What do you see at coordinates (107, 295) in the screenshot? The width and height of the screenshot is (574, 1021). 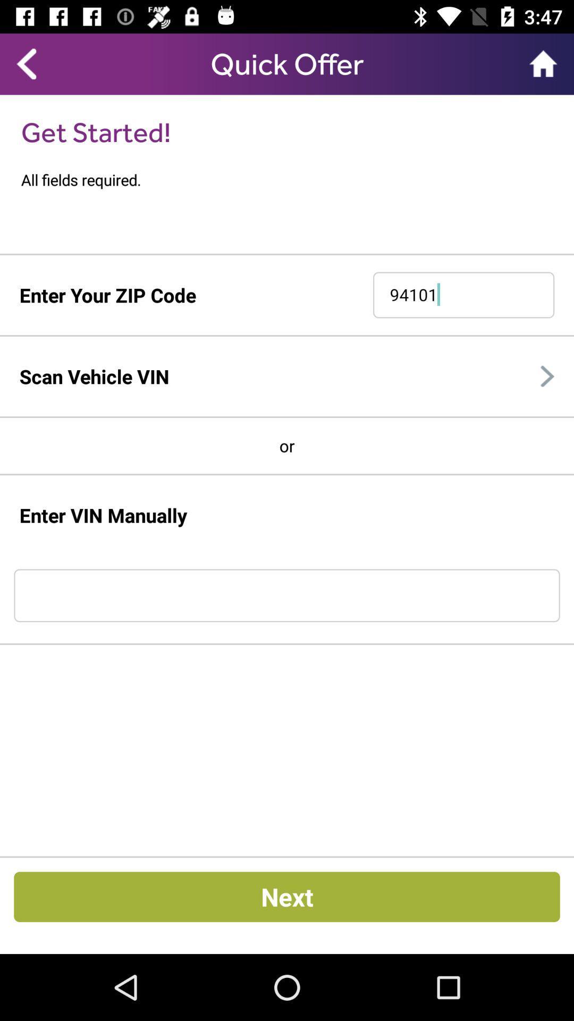 I see `enter your zip item` at bounding box center [107, 295].